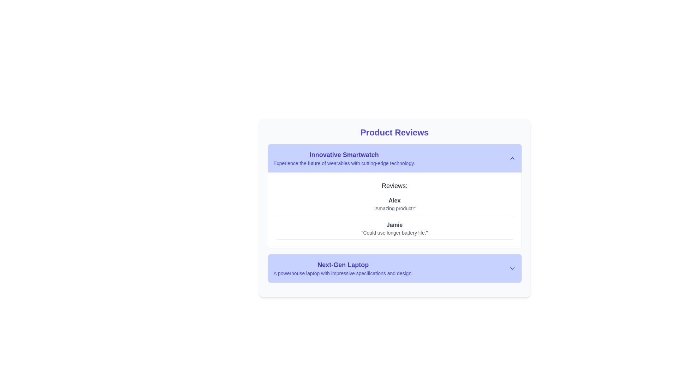  Describe the element at coordinates (394, 268) in the screenshot. I see `the collapsible item header for 'Next-Gen Laptop'` at that location.